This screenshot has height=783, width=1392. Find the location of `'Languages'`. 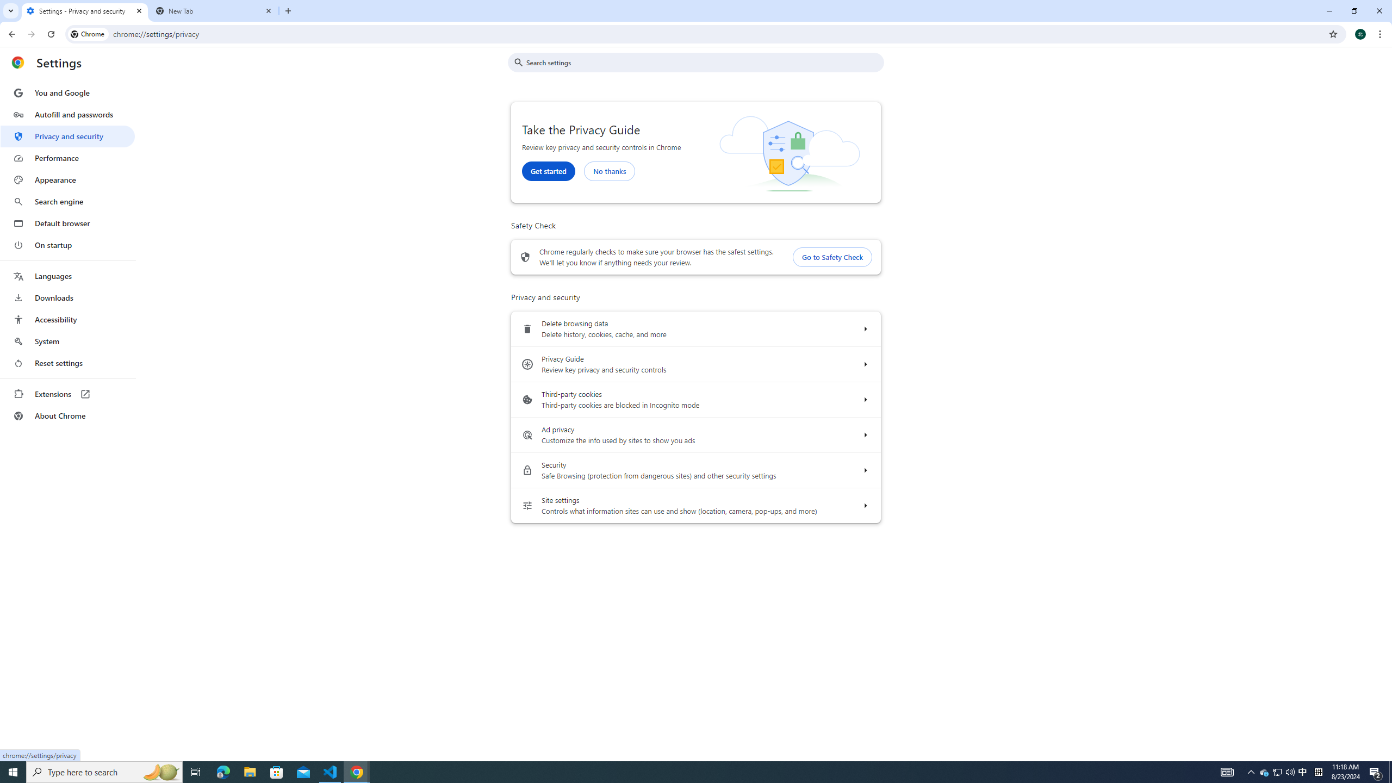

'Languages' is located at coordinates (67, 276).